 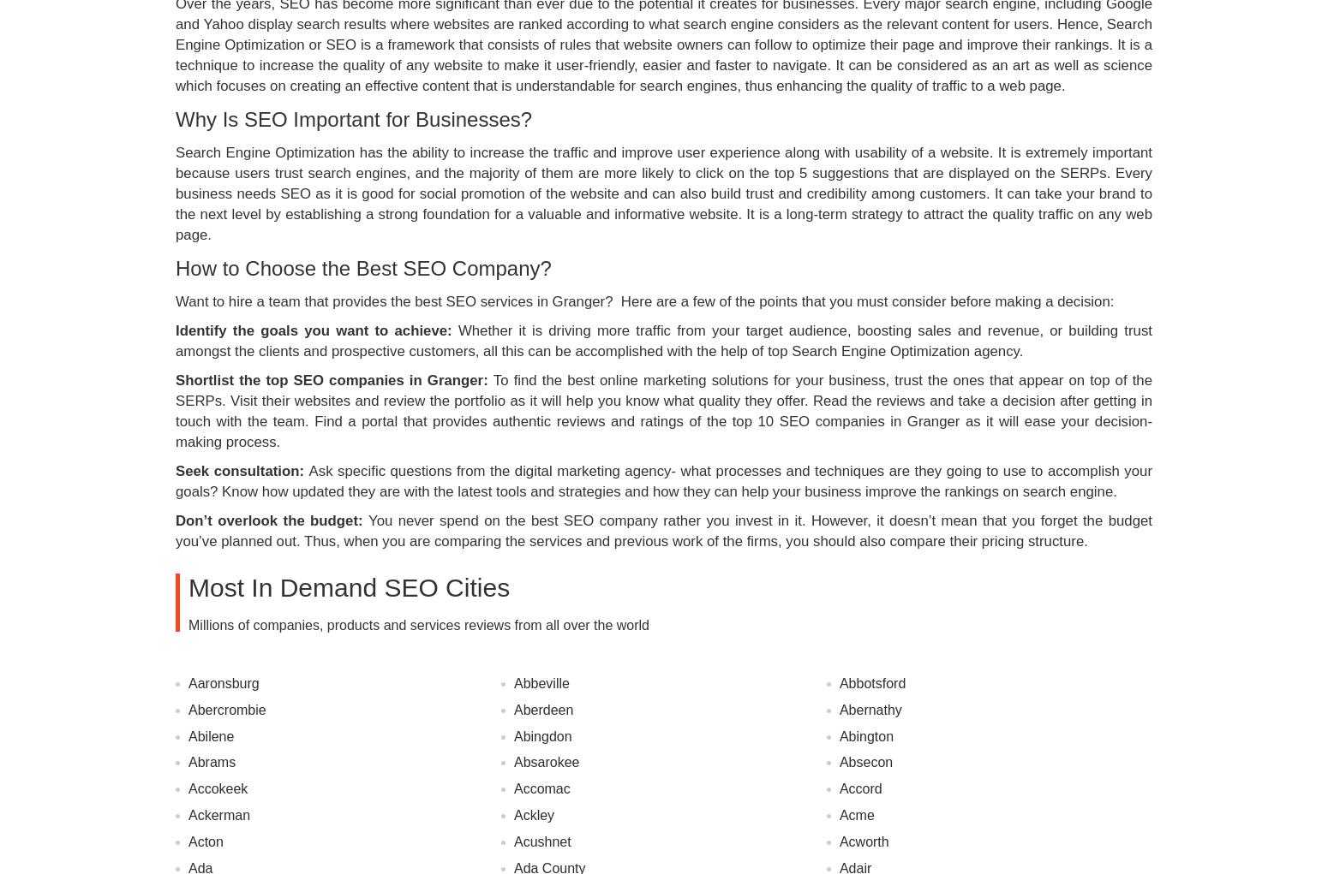 I want to click on 'Ackley', so click(x=532, y=814).